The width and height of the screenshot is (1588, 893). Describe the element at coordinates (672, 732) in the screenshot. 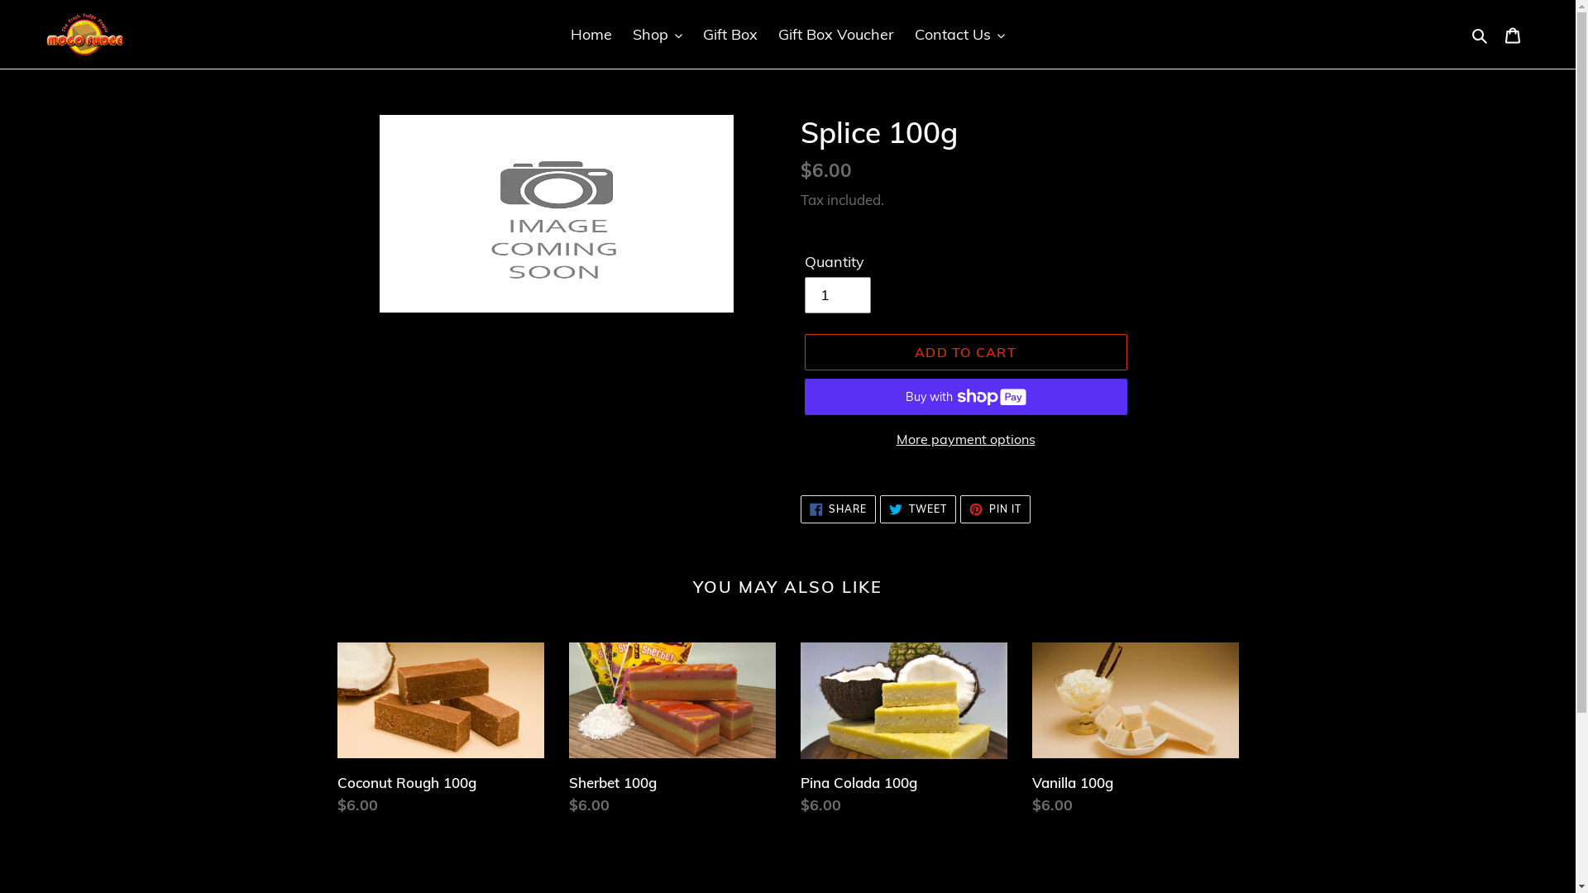

I see `'Sherbet 100g'` at that location.